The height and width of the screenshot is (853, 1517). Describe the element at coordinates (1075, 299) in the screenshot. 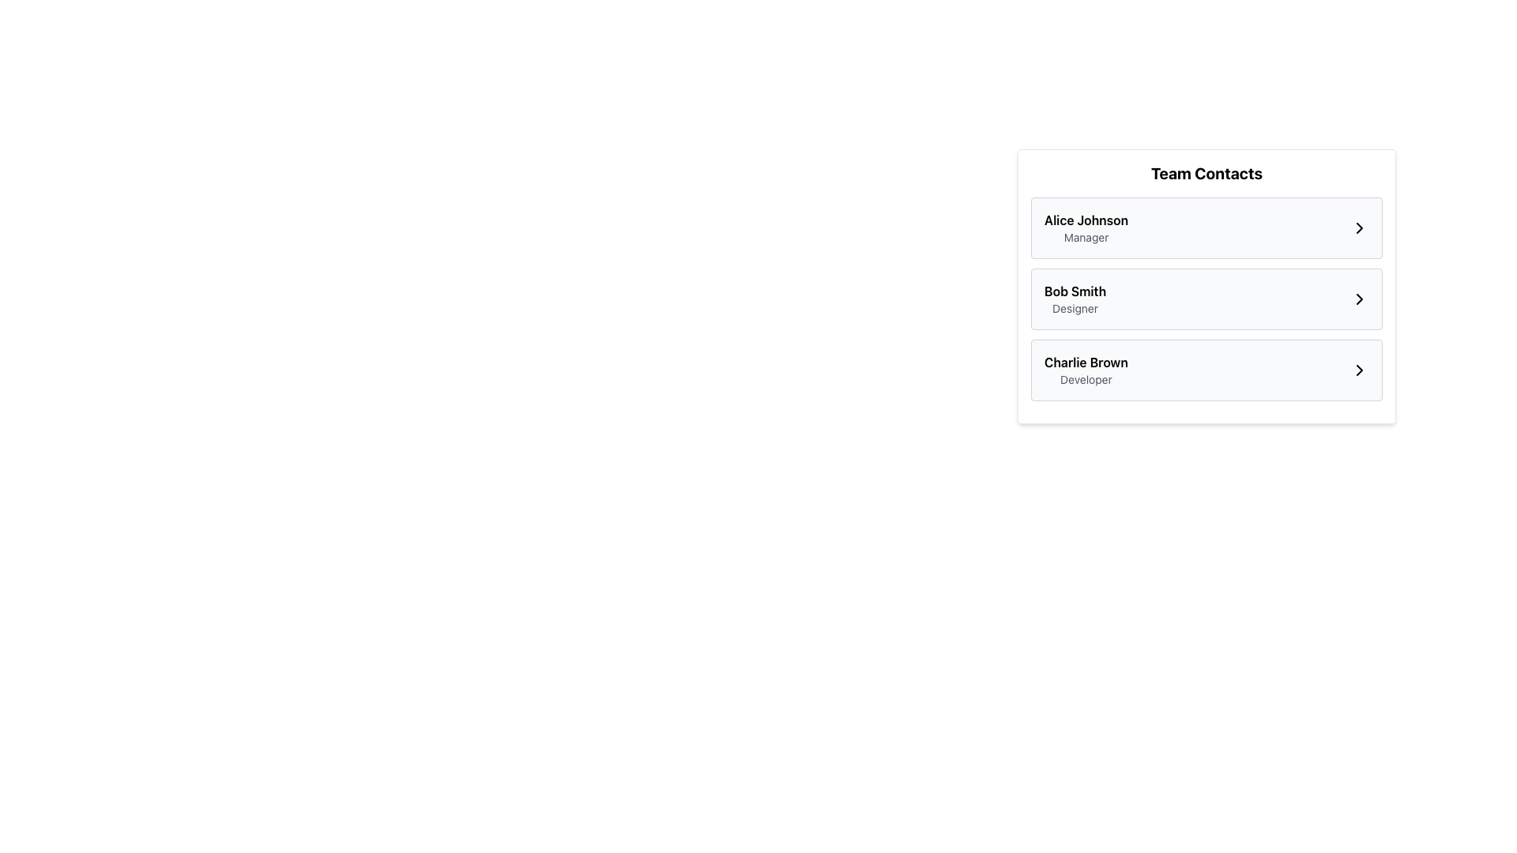

I see `the second entry in the 'Team Contacts' list, which contains detailed information about a contact, positioned below 'Alice Johnson' and above 'Charlie Brown'` at that location.